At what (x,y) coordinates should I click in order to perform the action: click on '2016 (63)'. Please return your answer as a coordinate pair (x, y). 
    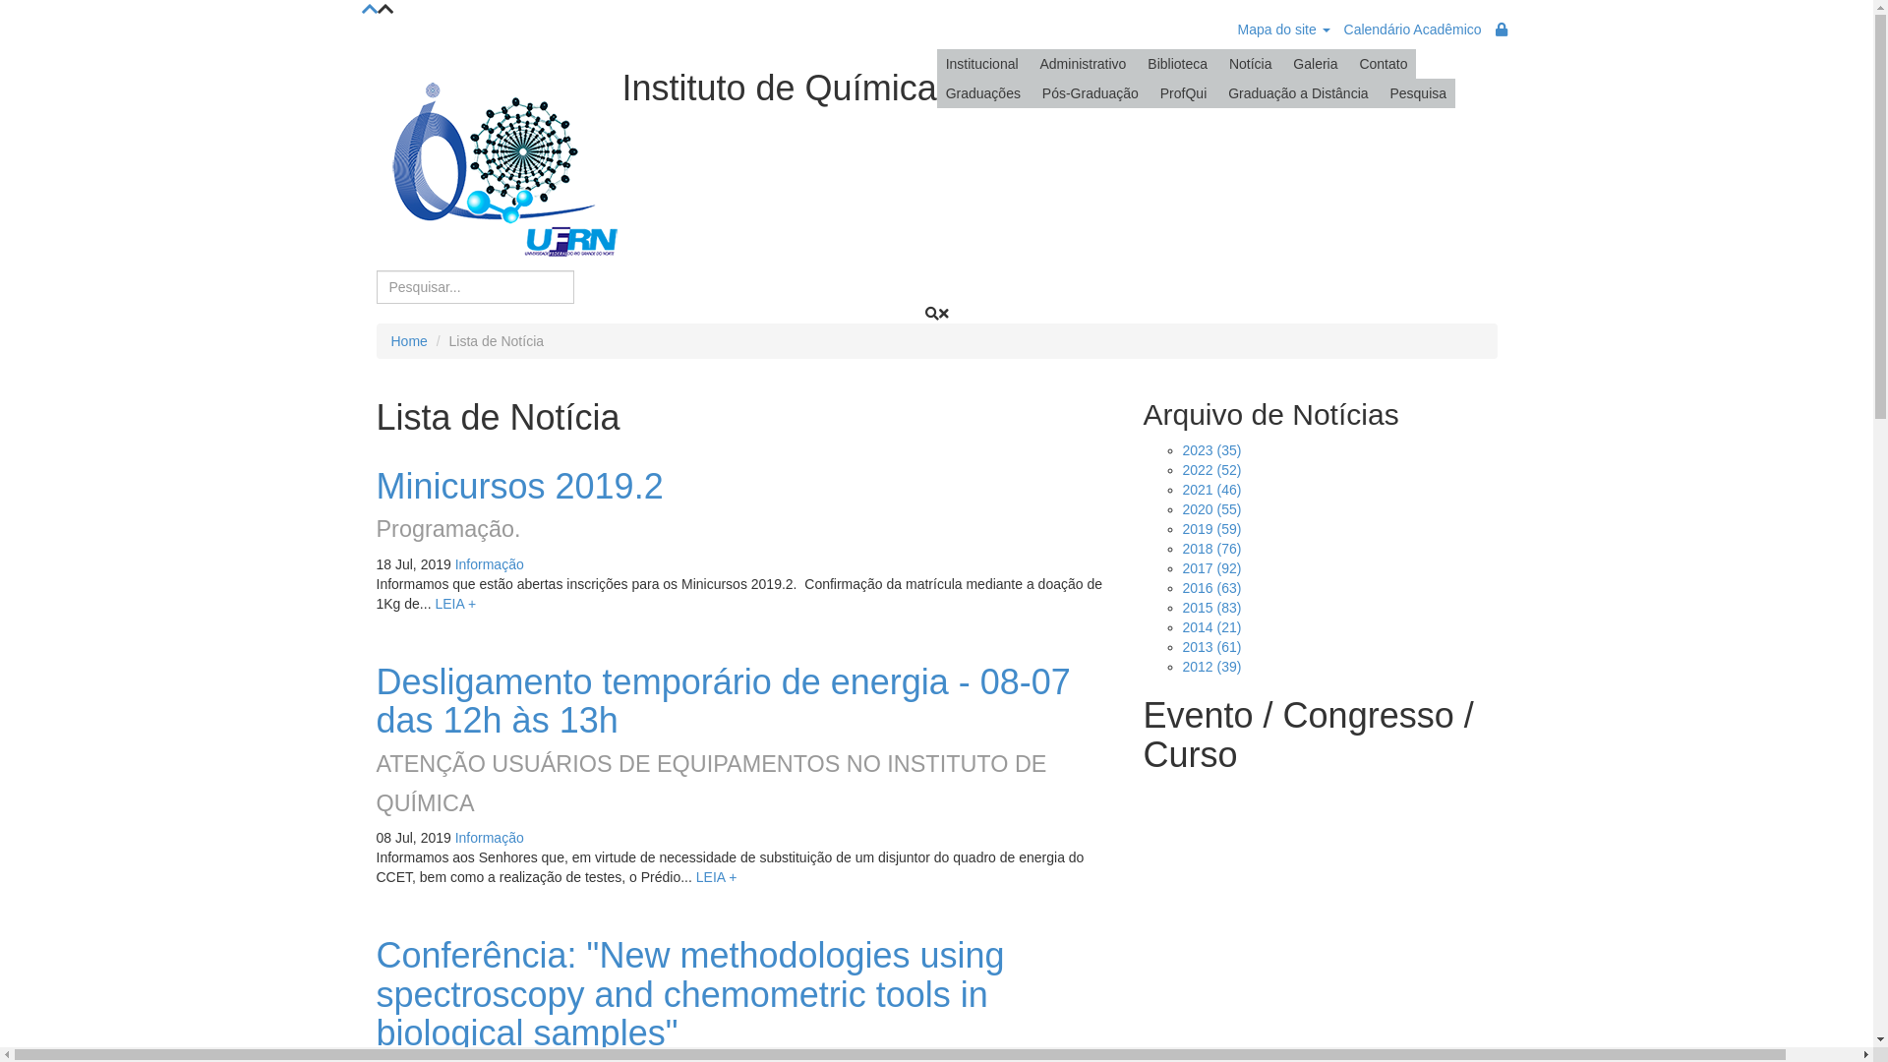
    Looking at the image, I should click on (1210, 586).